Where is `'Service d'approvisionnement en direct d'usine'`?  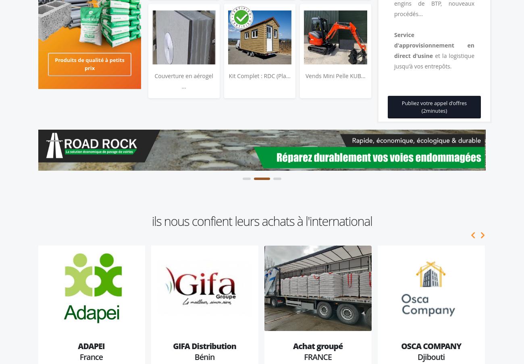
'Service d'approvisionnement en direct d'usine' is located at coordinates (434, 45).